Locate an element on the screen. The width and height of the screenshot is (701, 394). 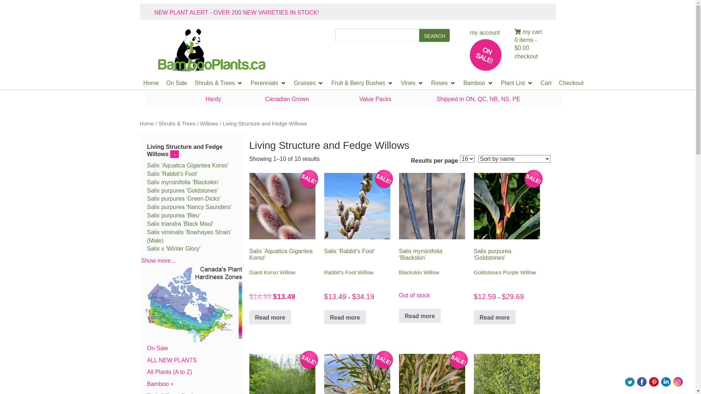
'Cart' is located at coordinates (546, 83).